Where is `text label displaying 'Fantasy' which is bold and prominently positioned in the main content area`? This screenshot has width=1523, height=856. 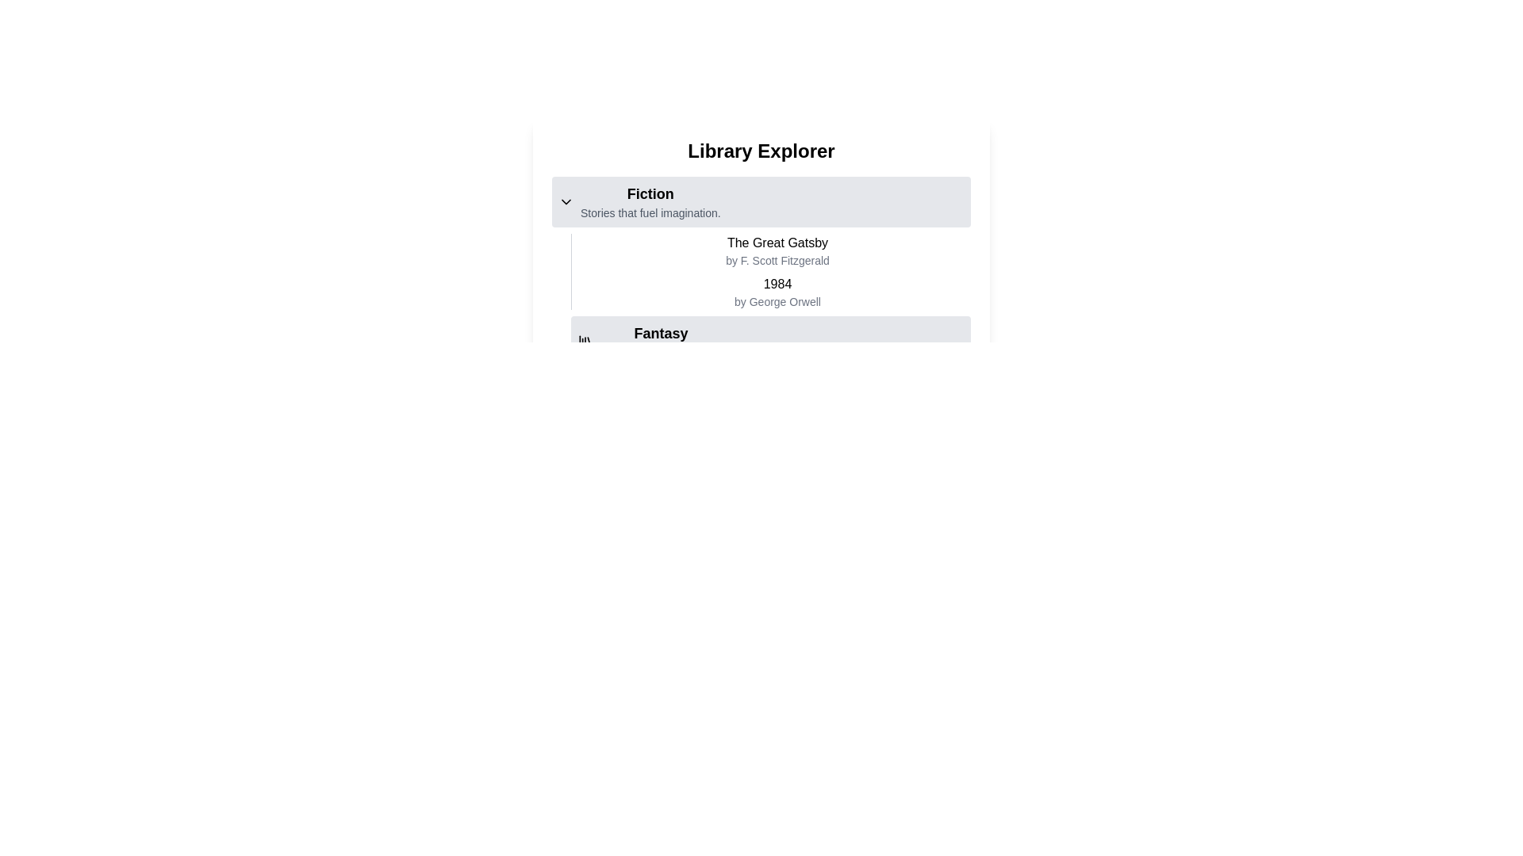 text label displaying 'Fantasy' which is bold and prominently positioned in the main content area is located at coordinates (661, 332).